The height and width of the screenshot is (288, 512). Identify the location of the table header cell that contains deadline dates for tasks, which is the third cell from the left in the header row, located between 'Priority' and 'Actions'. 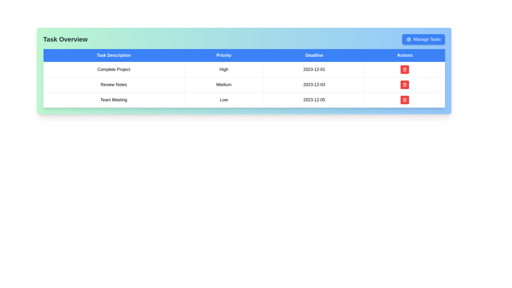
(314, 55).